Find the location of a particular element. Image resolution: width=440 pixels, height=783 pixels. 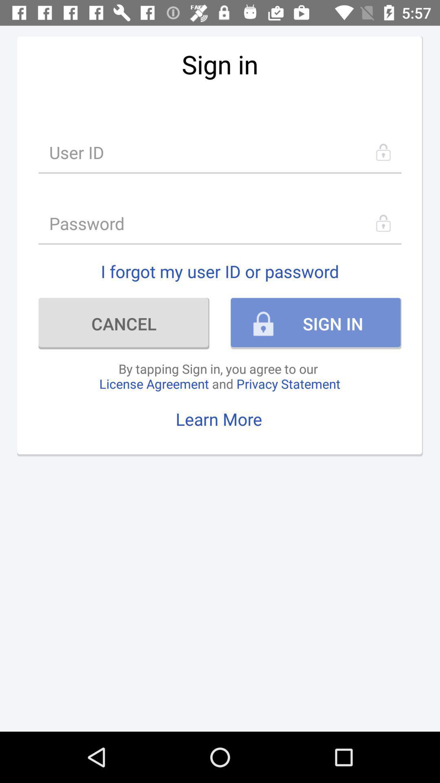

item below sign in item is located at coordinates (220, 152).